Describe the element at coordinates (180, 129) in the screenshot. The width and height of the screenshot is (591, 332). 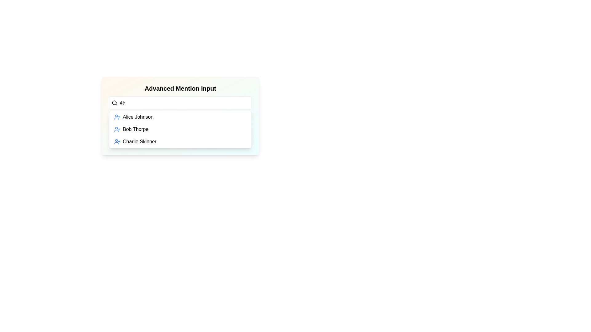
I see `the dropdown menu row containing user items 'Alice Johnson', 'Bob Thorpe', and 'Charlie Skinner' for more details` at that location.